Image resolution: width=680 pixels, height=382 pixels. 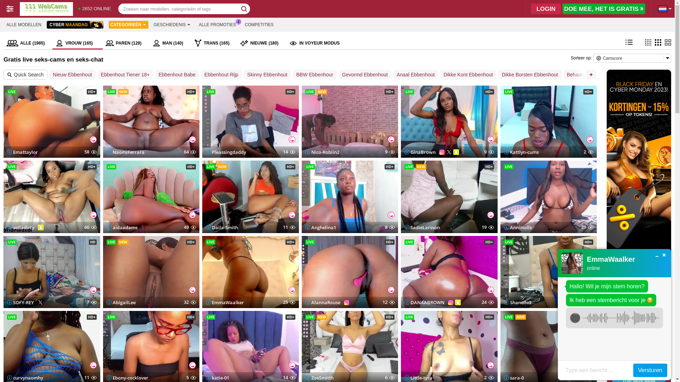 What do you see at coordinates (214, 43) in the screenshot?
I see `'TRANS (165)'` at bounding box center [214, 43].